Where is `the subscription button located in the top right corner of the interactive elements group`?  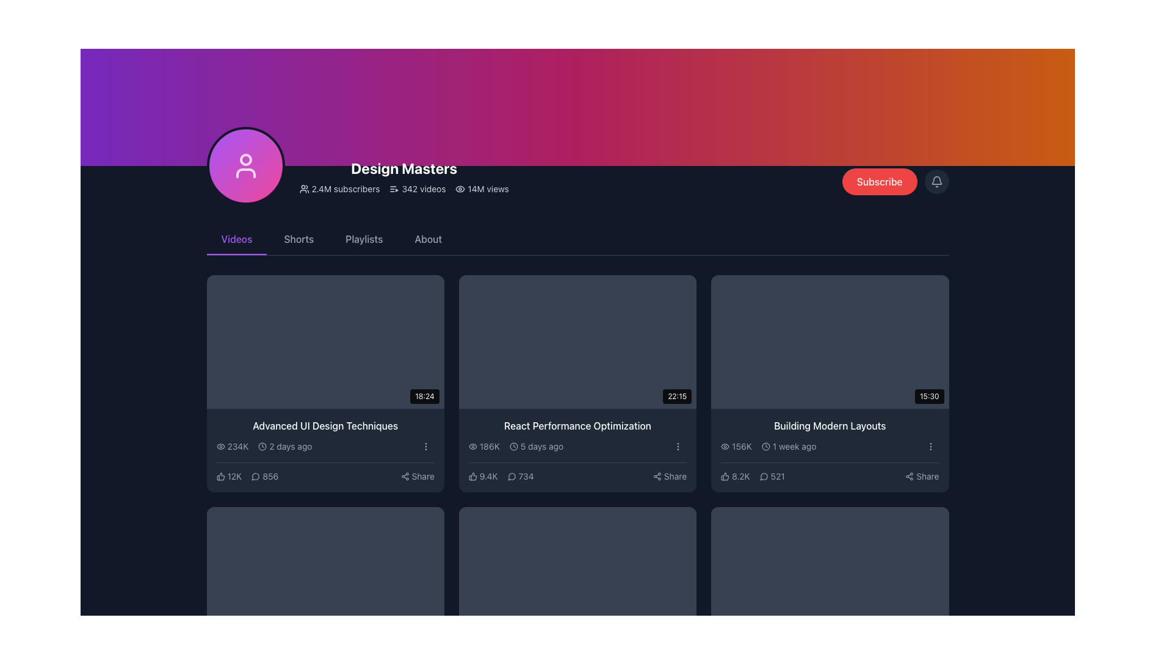 the subscription button located in the top right corner of the interactive elements group is located at coordinates (880, 181).